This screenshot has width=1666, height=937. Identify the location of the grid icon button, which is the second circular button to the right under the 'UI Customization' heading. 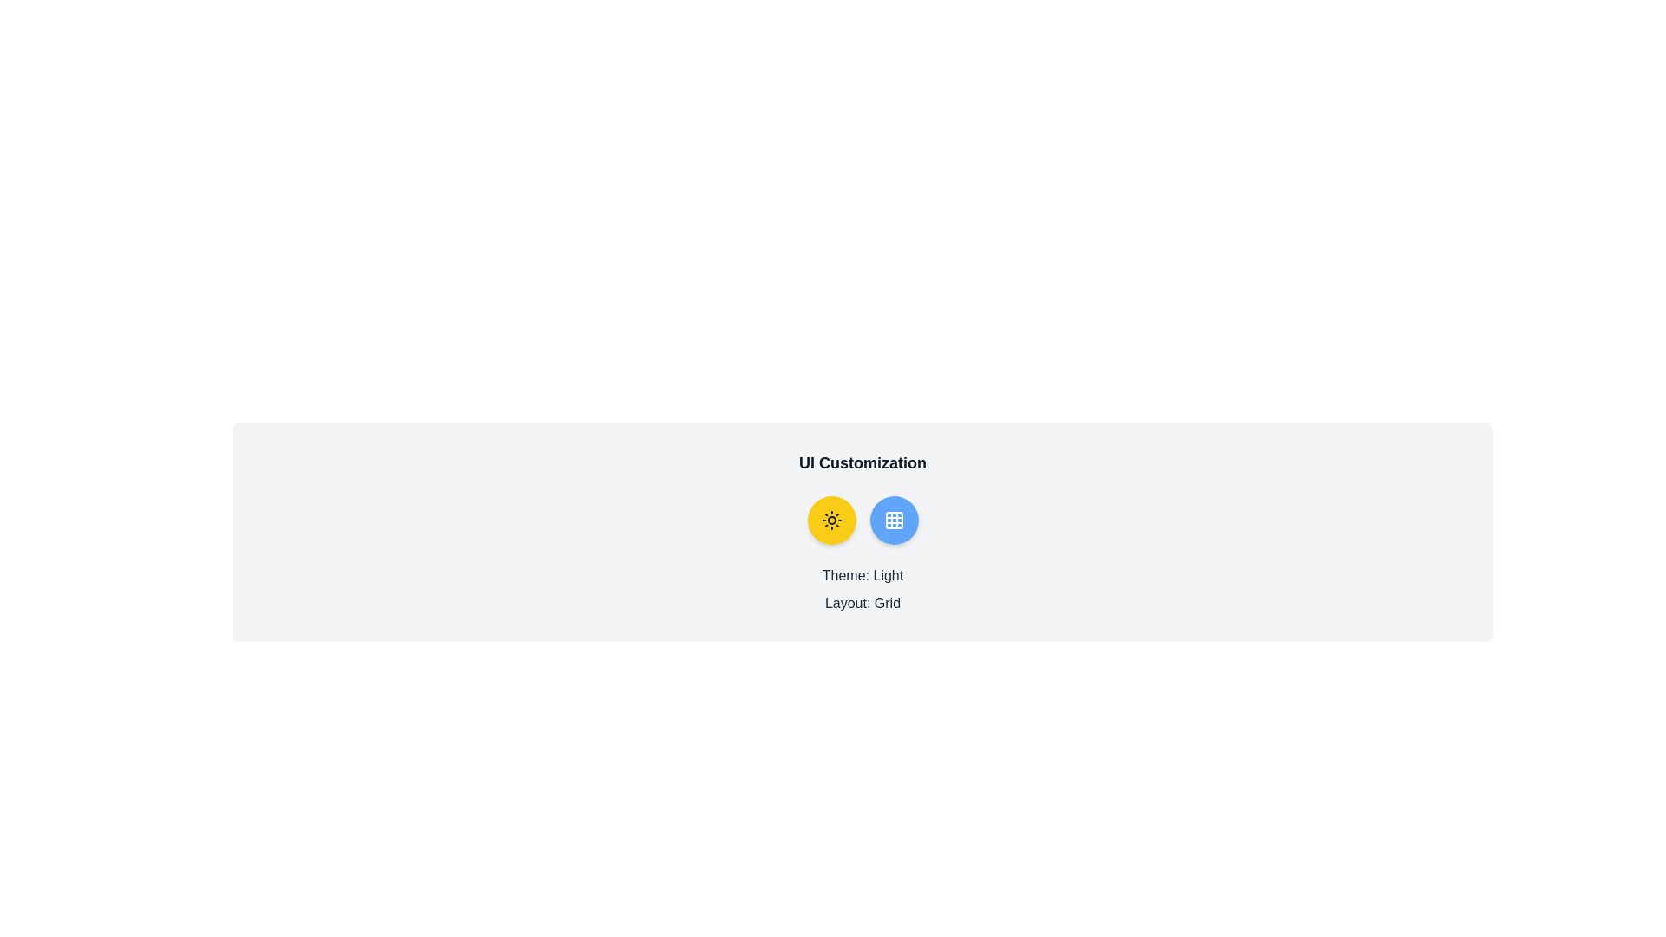
(894, 520).